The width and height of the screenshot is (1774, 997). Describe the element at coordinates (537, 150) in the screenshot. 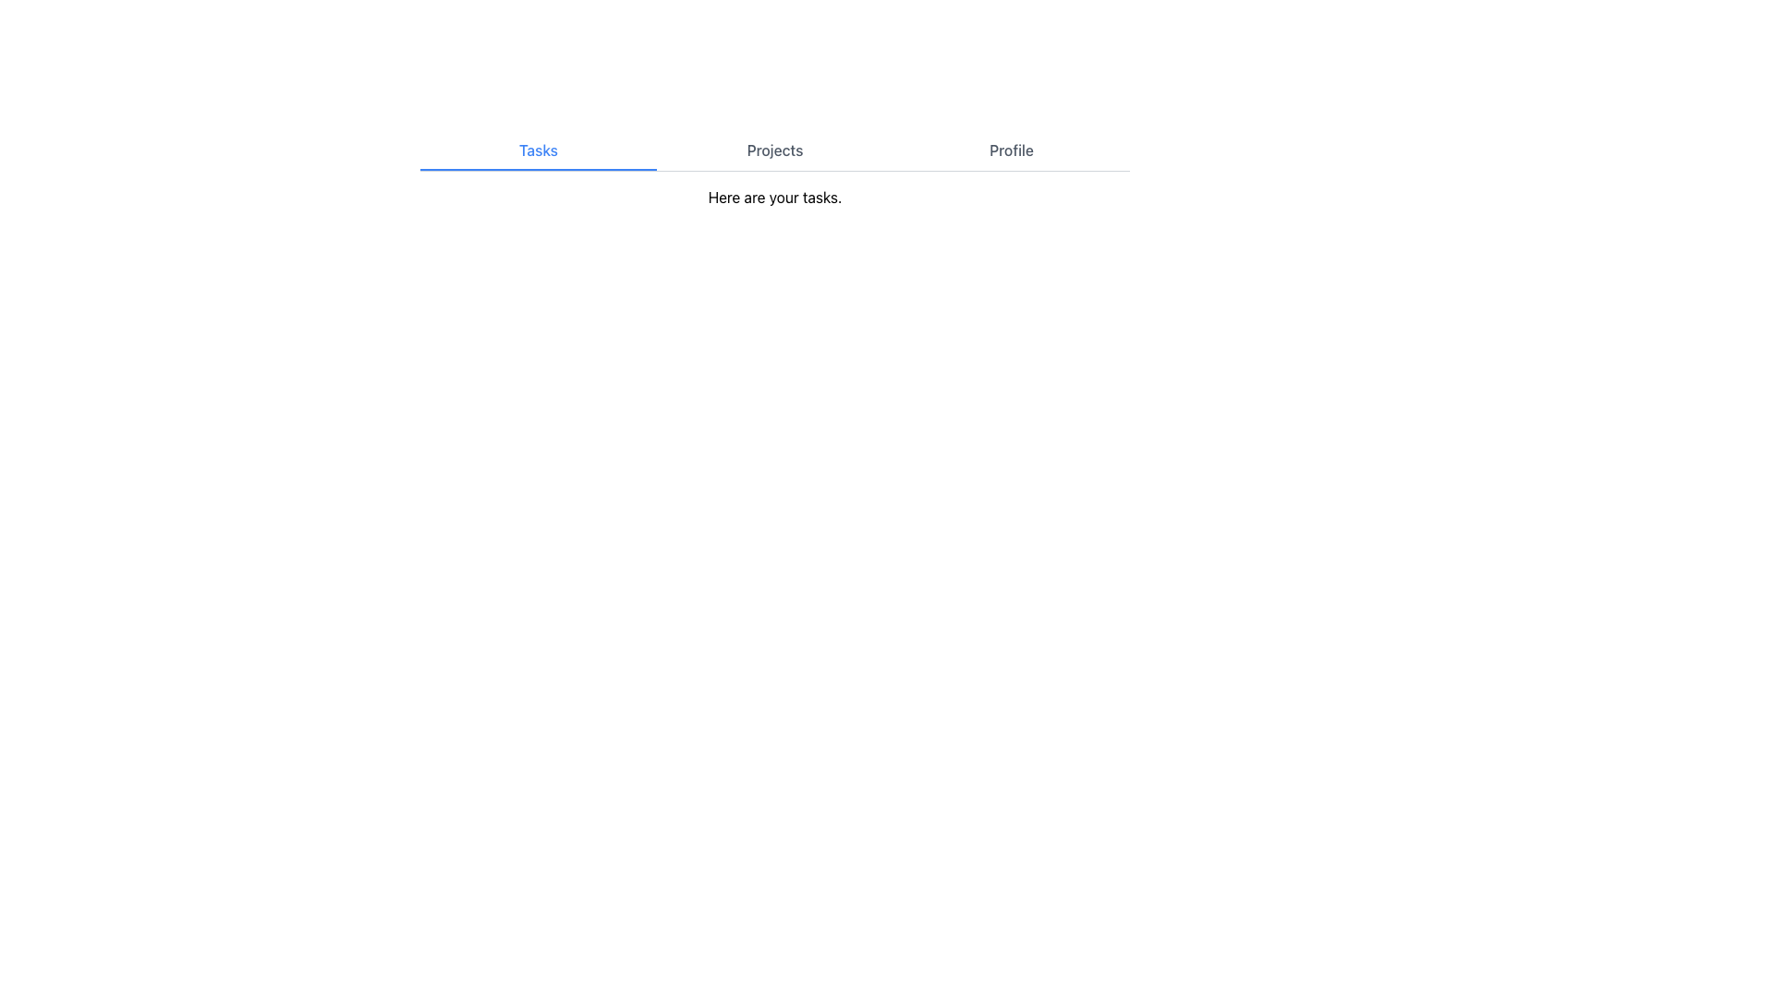

I see `the 'Tasks' navigation tab, which is the first option among three tabs in a horizontal layout` at that location.